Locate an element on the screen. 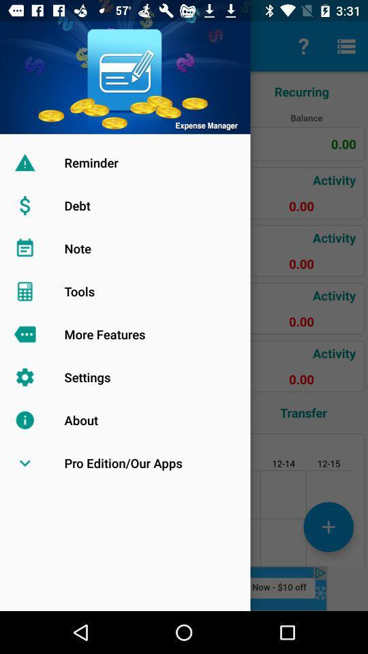 This screenshot has width=368, height=654. the add icon is located at coordinates (328, 526).